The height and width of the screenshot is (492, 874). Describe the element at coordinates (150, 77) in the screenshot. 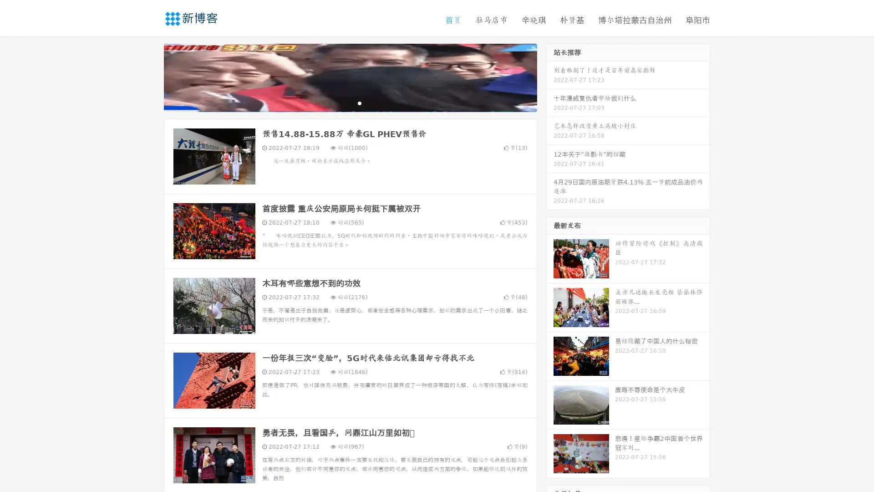

I see `Previous slide` at that location.